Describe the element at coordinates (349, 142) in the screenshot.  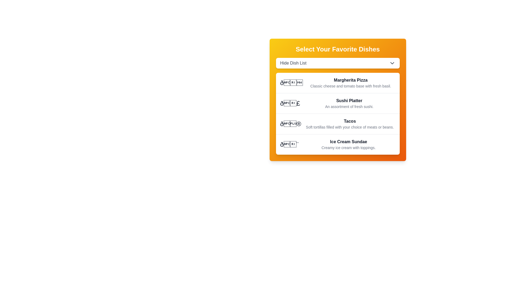
I see `the bold heading text 'Ice Cream Sundae', which is the primary descriptor of a menu item in a list, positioned above the secondary description` at that location.